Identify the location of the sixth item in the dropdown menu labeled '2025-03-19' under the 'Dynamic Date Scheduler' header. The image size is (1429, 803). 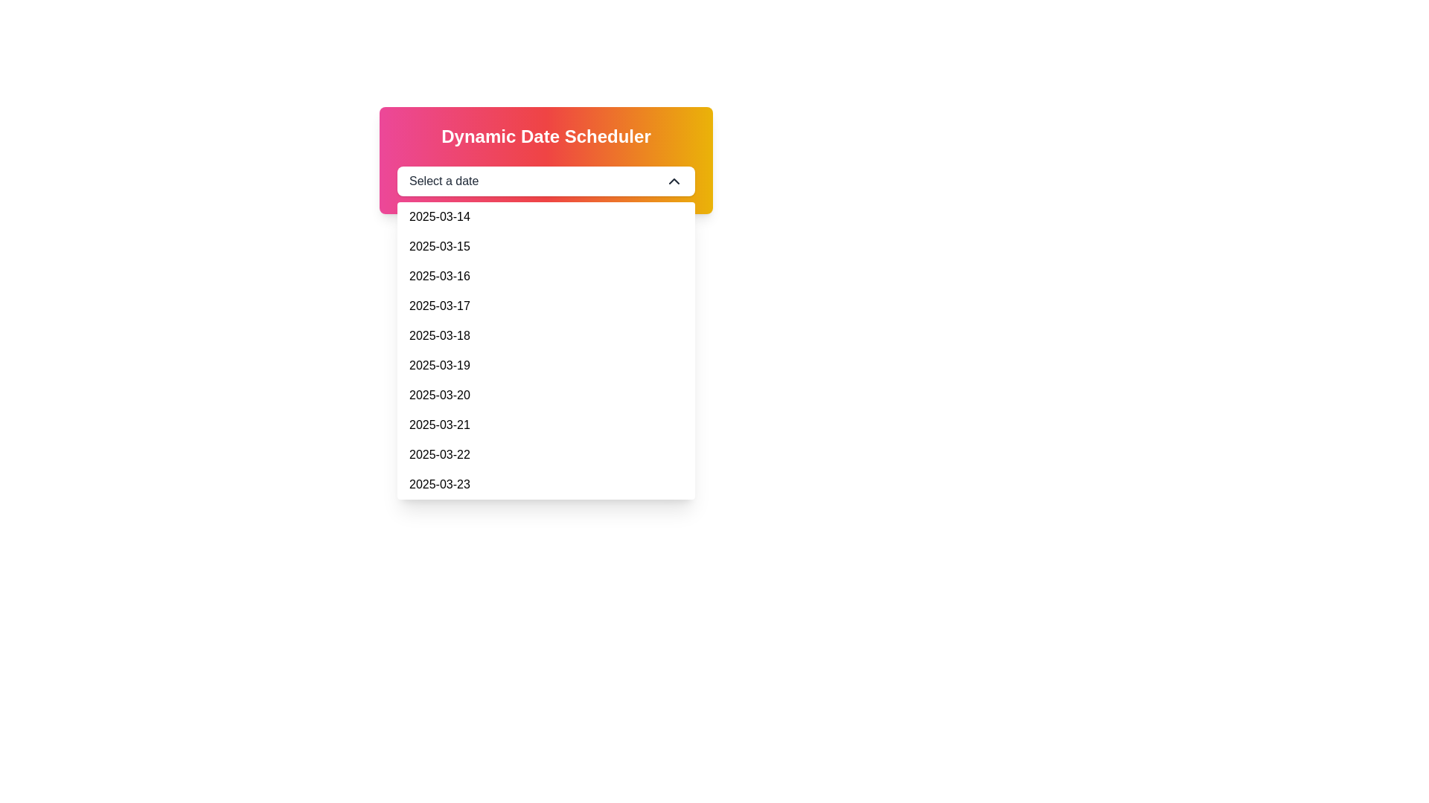
(438, 366).